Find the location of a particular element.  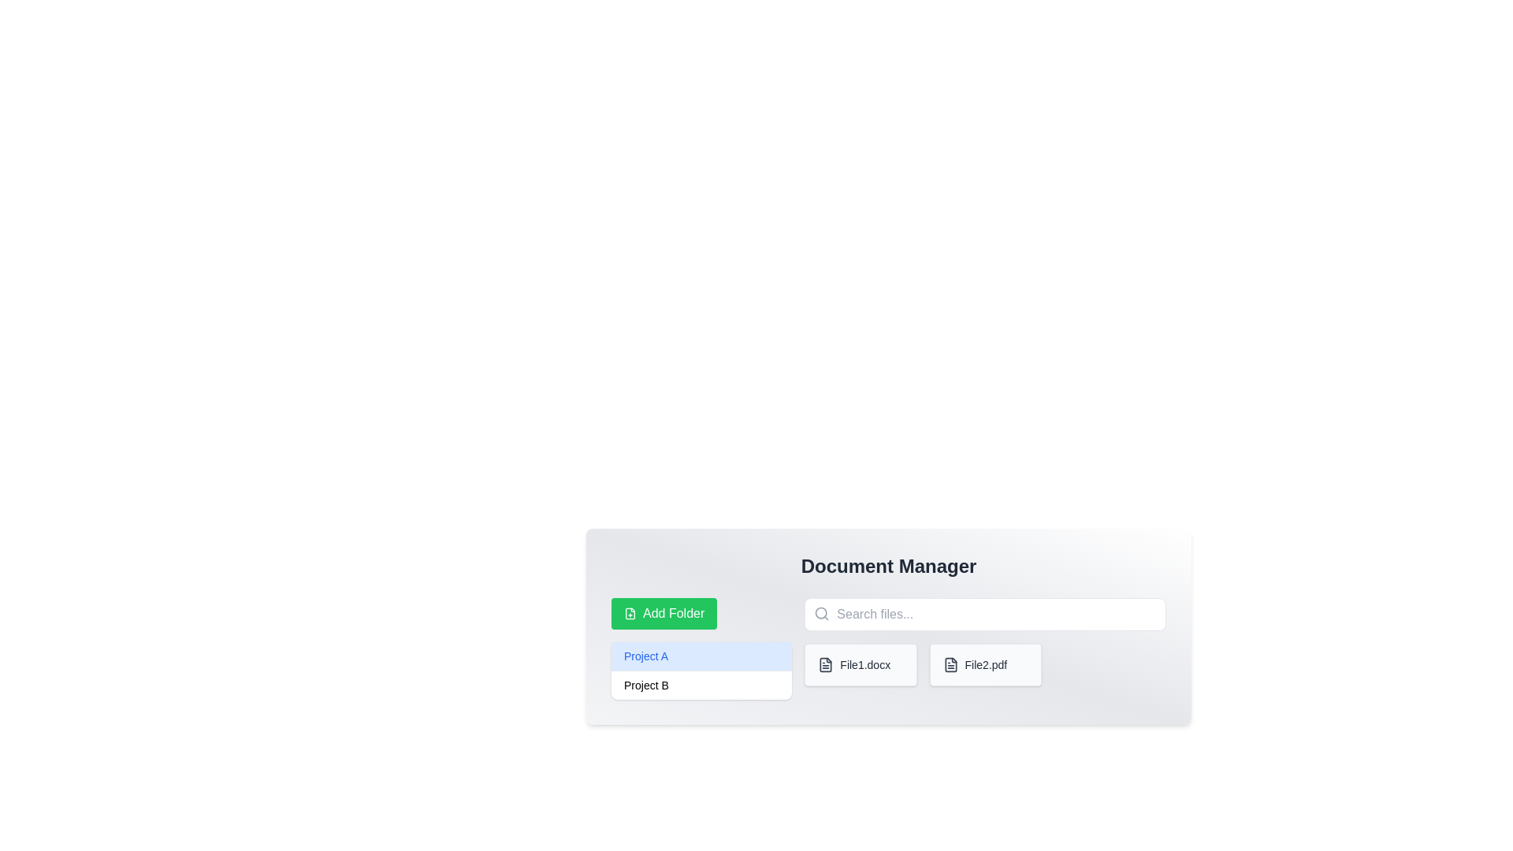

the search indicator SVG icon located on the left side of the input field with placeholder text 'Search files...' in the 'Document Manager' panel is located at coordinates (821, 613).